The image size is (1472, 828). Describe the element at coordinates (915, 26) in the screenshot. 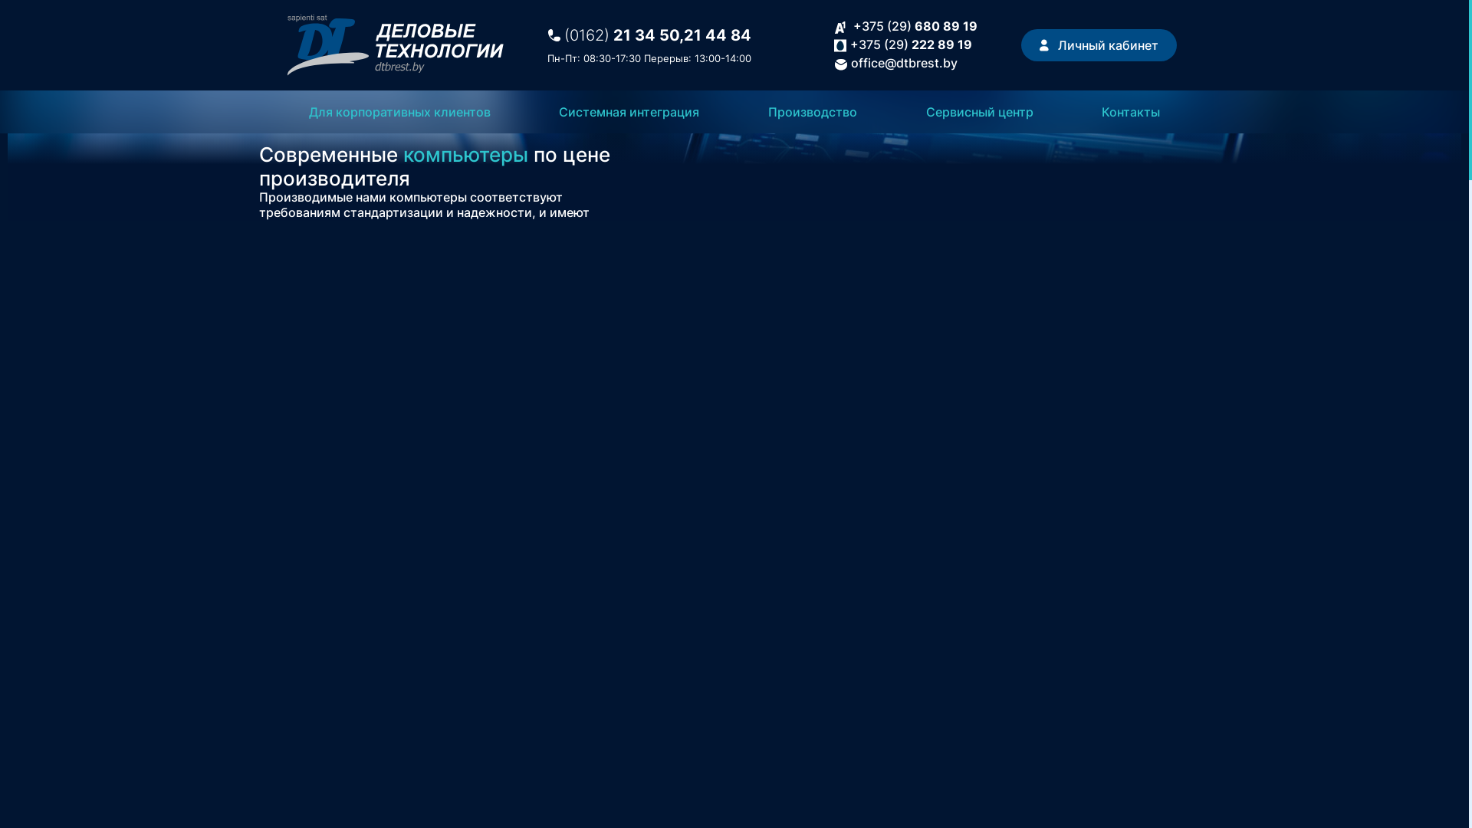

I see `'+375 (29) 680 89 19'` at that location.